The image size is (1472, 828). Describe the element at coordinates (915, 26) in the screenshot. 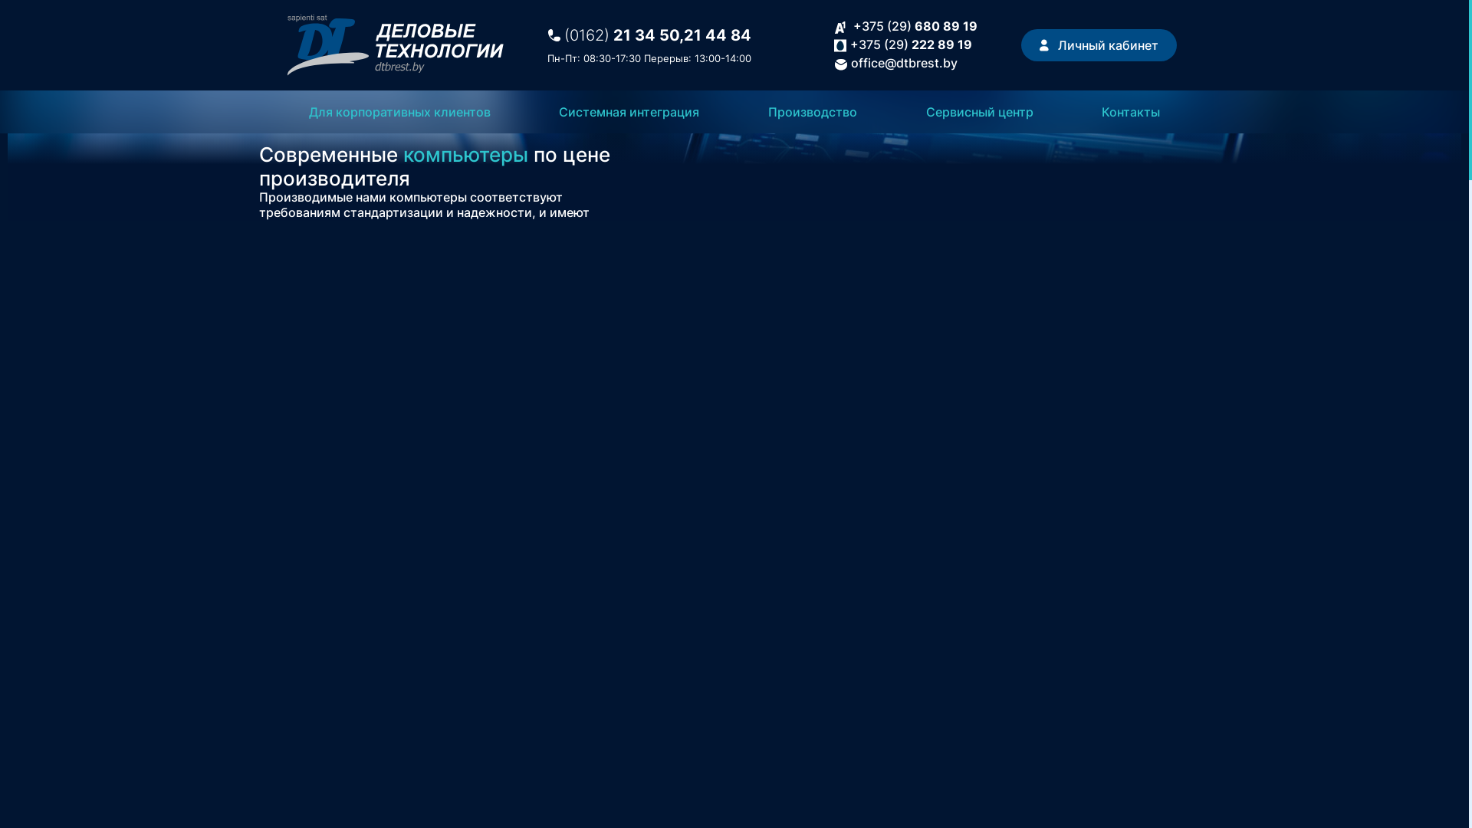

I see `'+375 (29) 680 89 19'` at that location.